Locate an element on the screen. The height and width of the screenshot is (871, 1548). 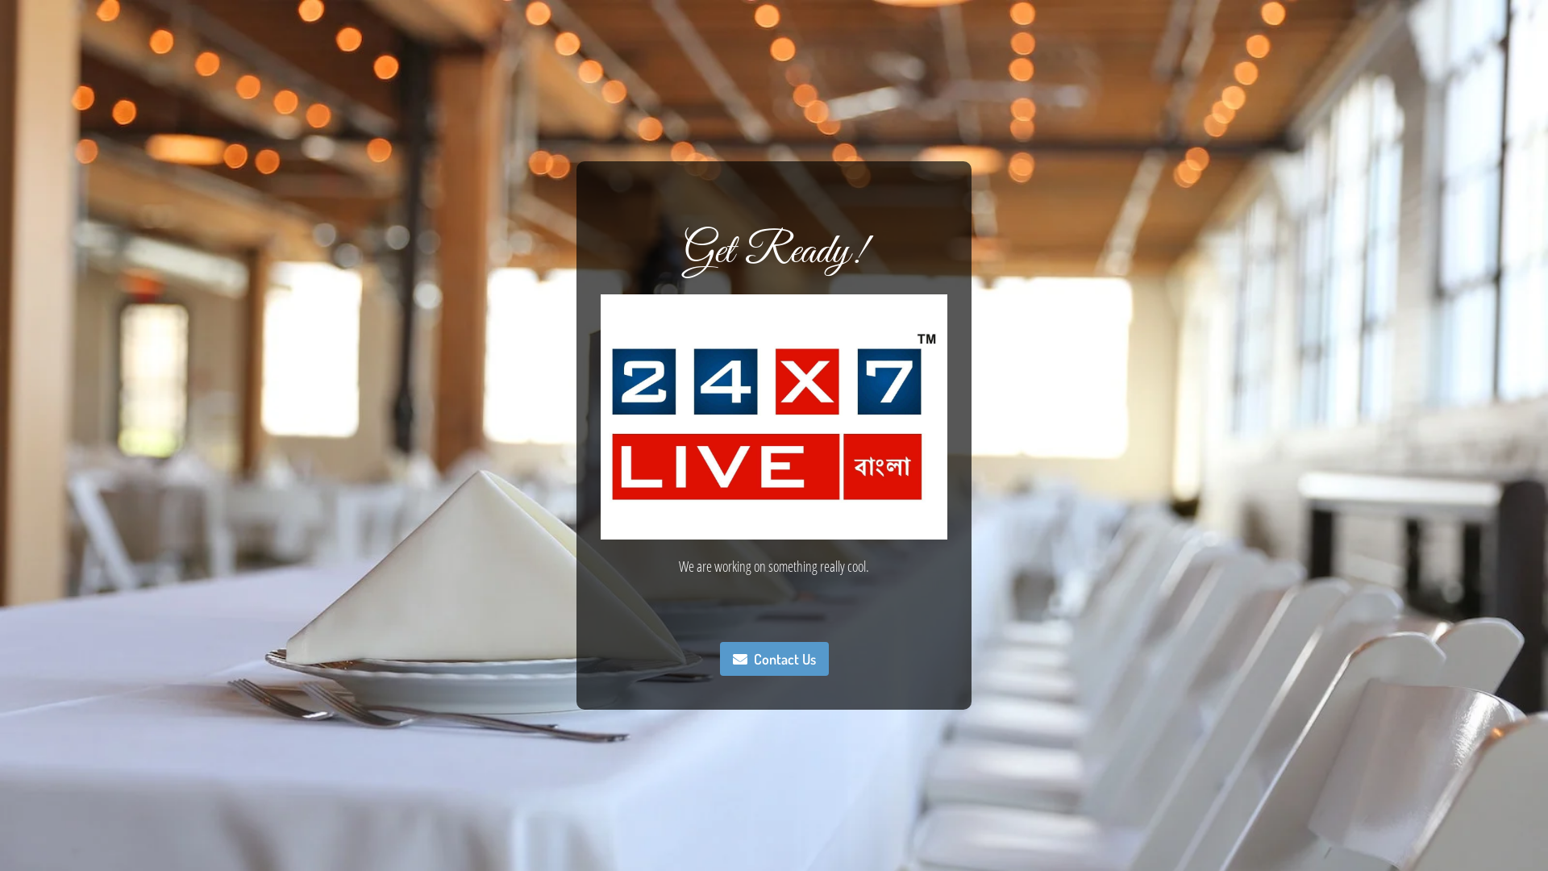
'Contact Us' is located at coordinates (718, 659).